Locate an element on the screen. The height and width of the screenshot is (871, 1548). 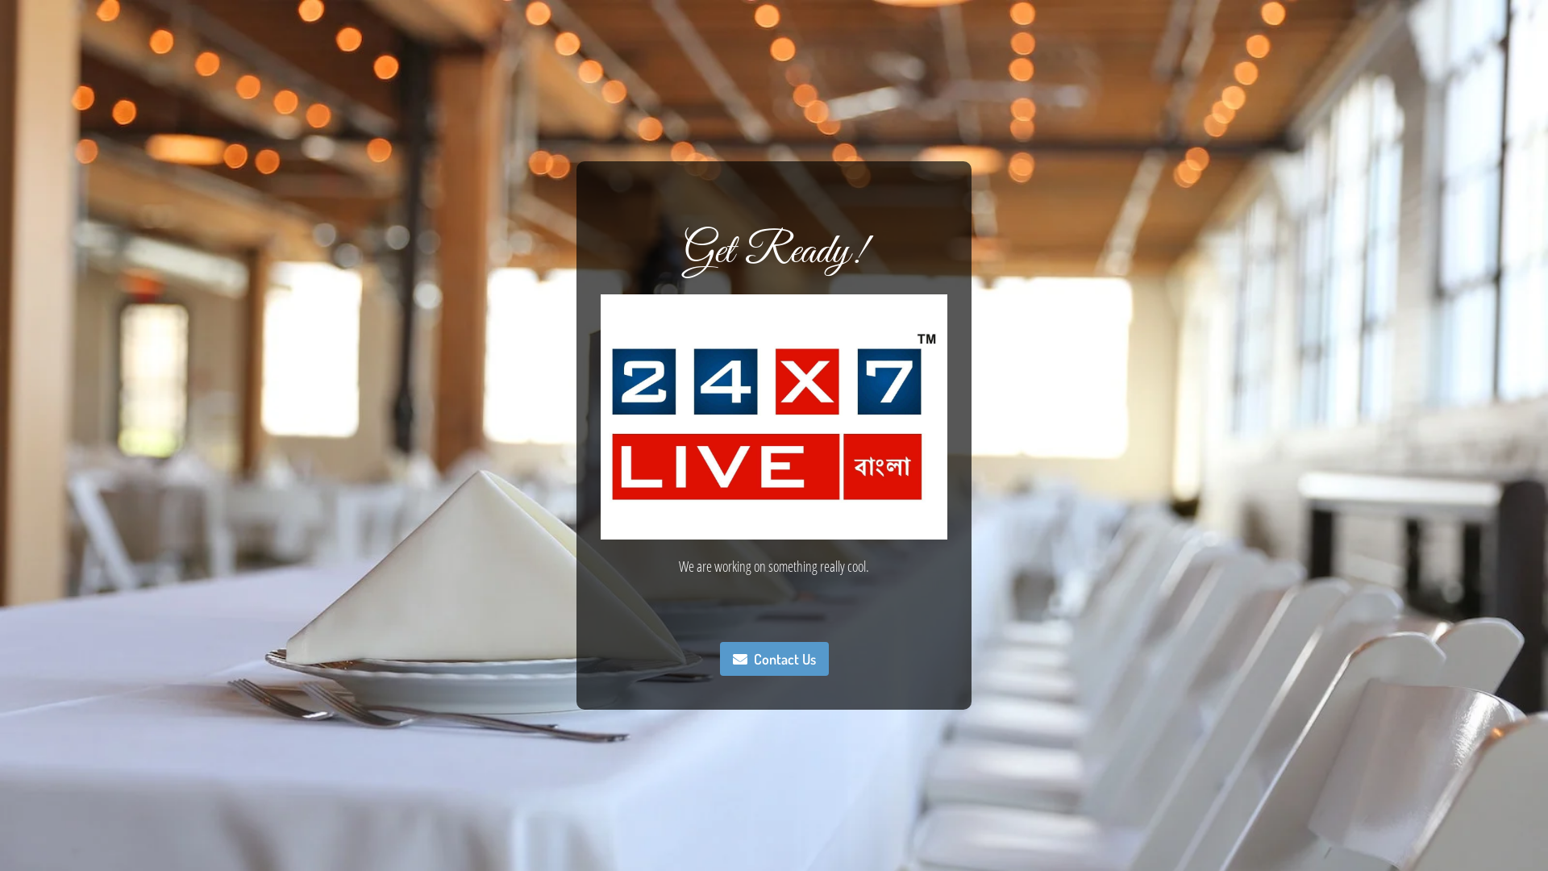
'Contact Us' is located at coordinates (718, 659).